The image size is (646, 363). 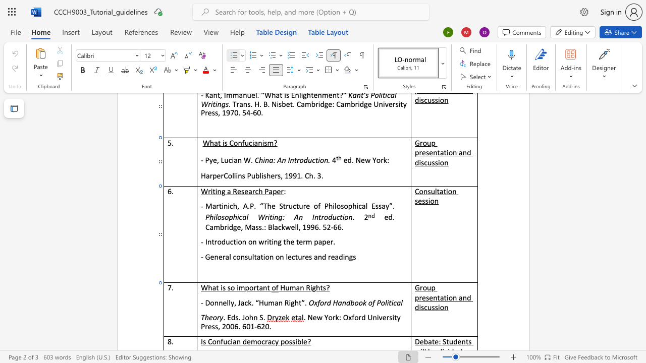 What do you see at coordinates (319, 287) in the screenshot?
I see `the space between the continuous character "h" and "t" in the text` at bounding box center [319, 287].